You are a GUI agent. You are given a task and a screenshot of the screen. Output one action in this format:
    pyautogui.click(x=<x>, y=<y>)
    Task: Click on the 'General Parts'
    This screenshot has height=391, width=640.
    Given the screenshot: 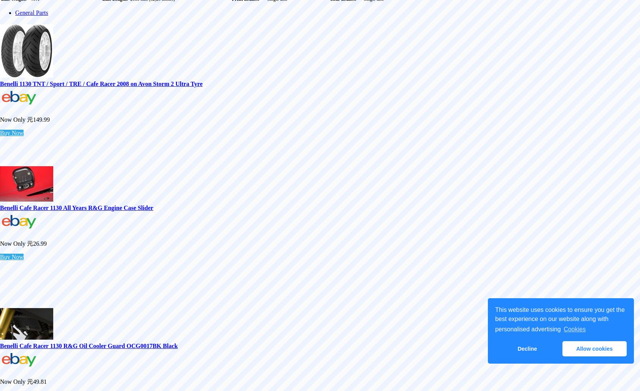 What is the action you would take?
    pyautogui.click(x=31, y=12)
    